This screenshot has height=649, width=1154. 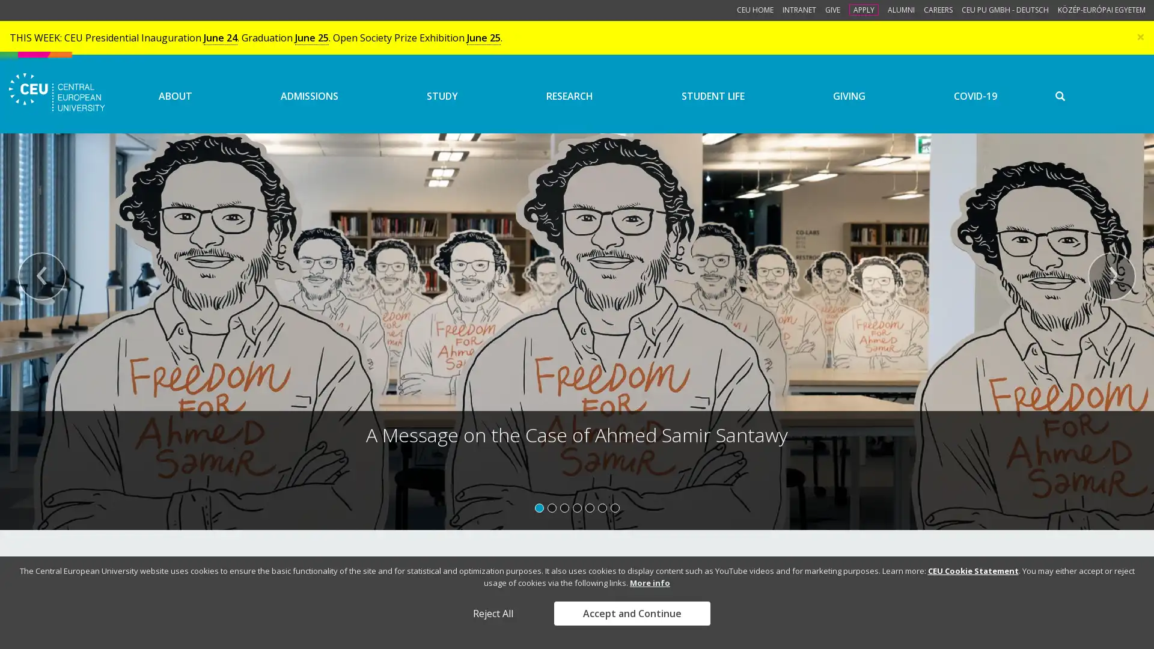 I want to click on Search, so click(x=1093, y=105).